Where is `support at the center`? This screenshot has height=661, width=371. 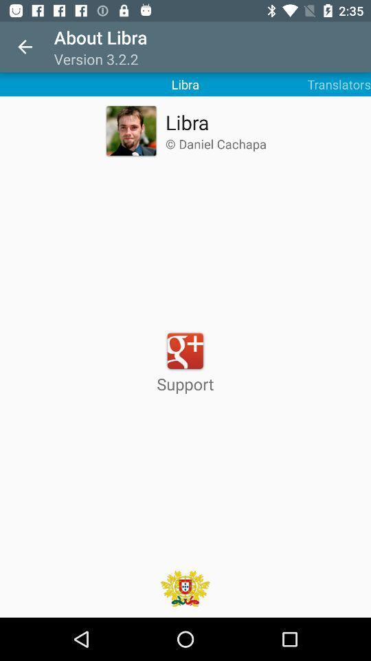 support at the center is located at coordinates (185, 361).